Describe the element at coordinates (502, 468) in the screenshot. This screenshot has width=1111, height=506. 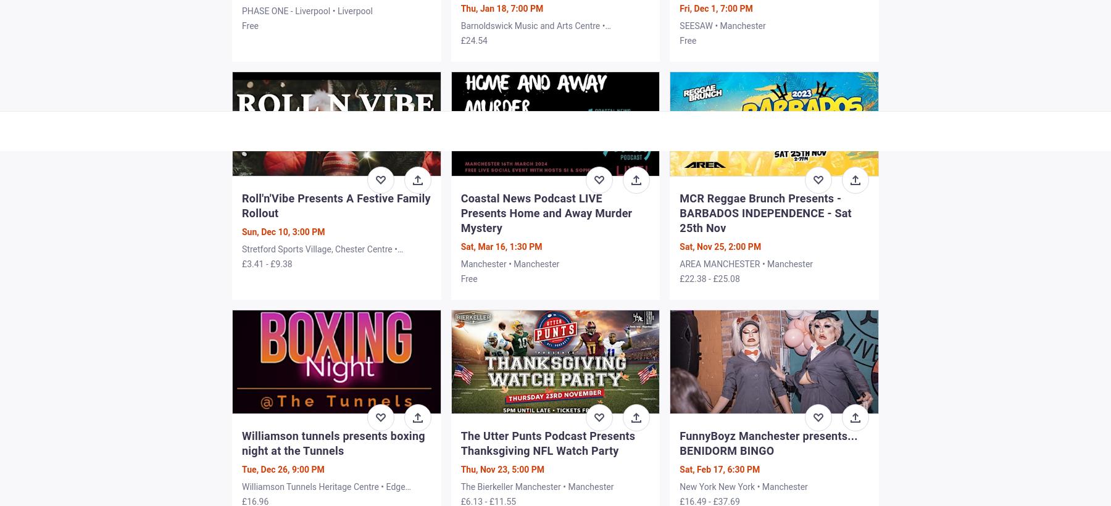
I see `'Thu, Nov 23, 5:00 PM'` at that location.